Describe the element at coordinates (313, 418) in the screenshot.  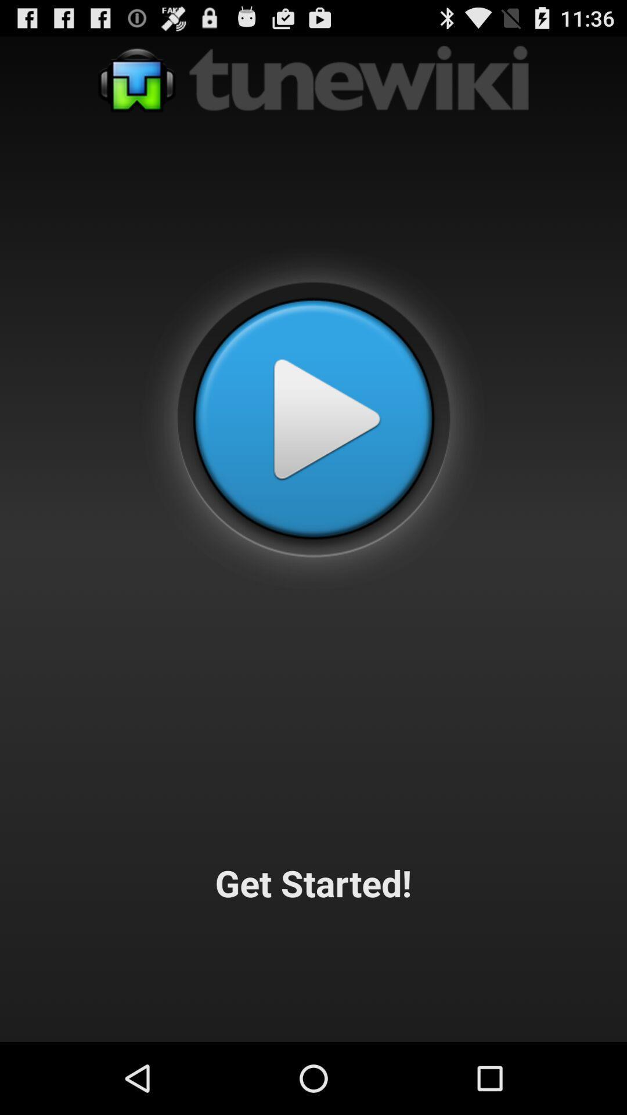
I see `the icon at the center` at that location.